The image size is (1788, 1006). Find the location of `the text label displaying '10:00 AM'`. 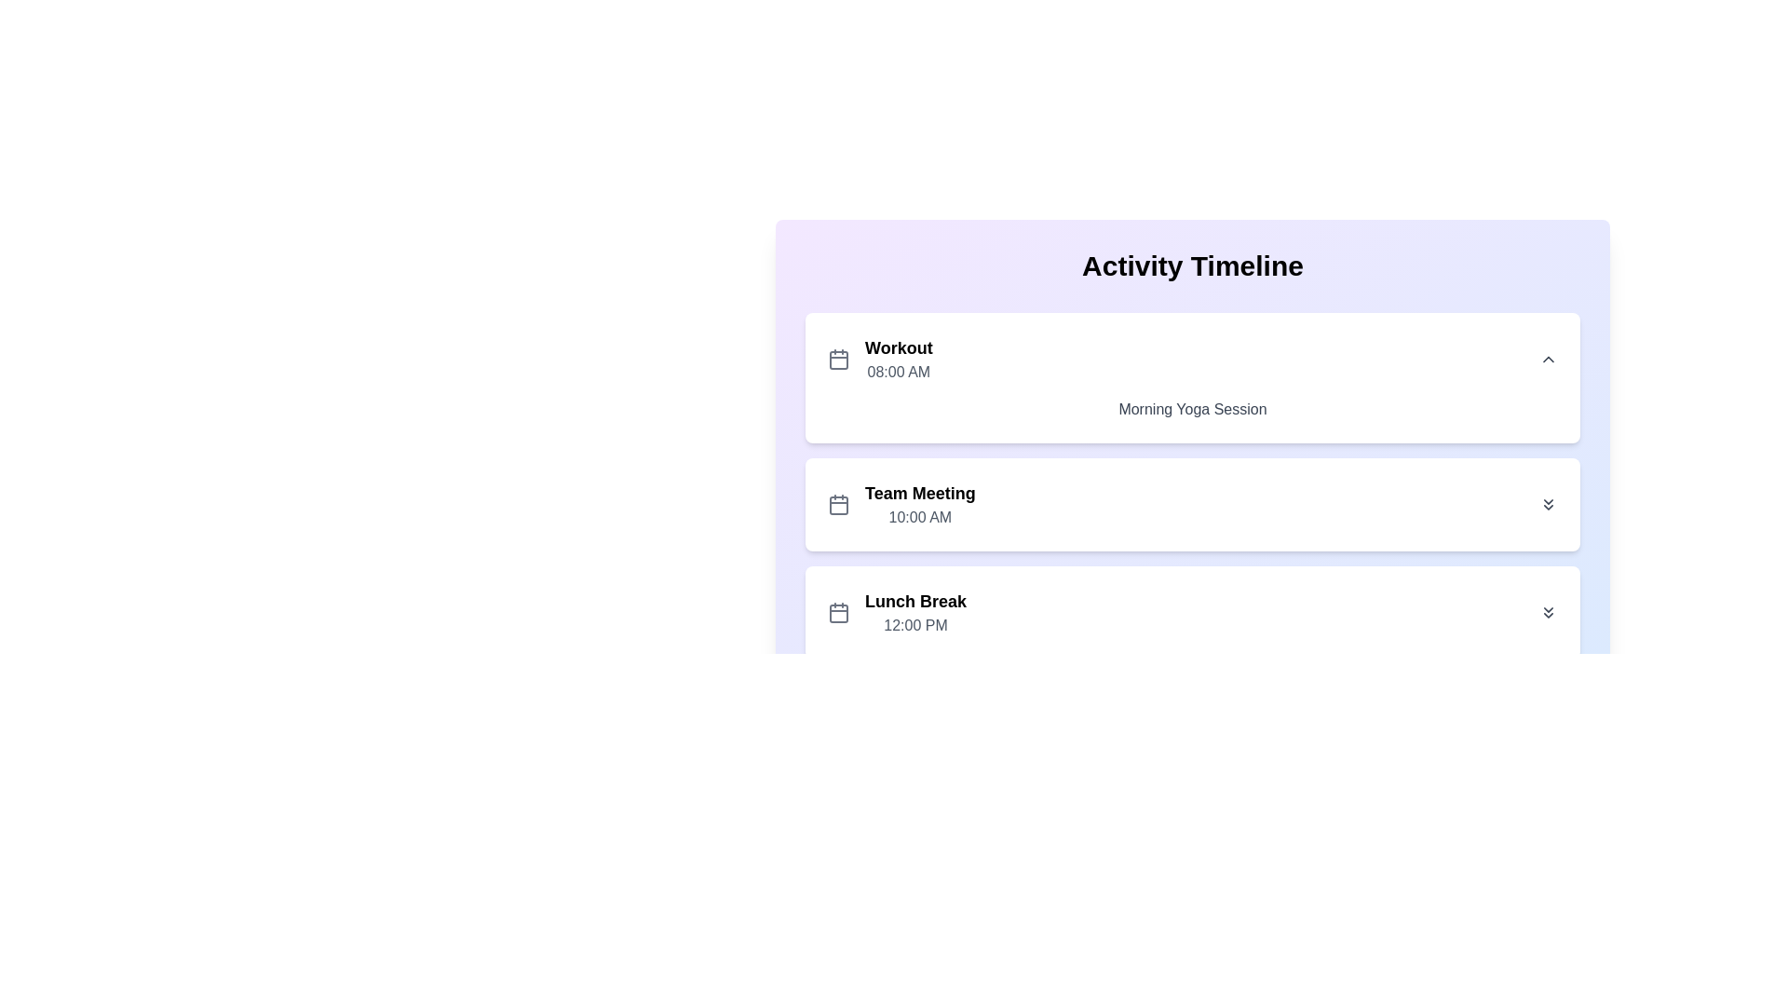

the text label displaying '10:00 AM' is located at coordinates (920, 517).